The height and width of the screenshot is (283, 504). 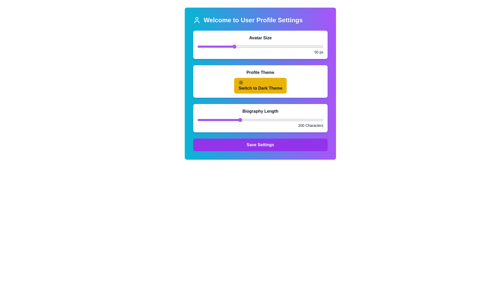 I want to click on avatar size, so click(x=231, y=46).